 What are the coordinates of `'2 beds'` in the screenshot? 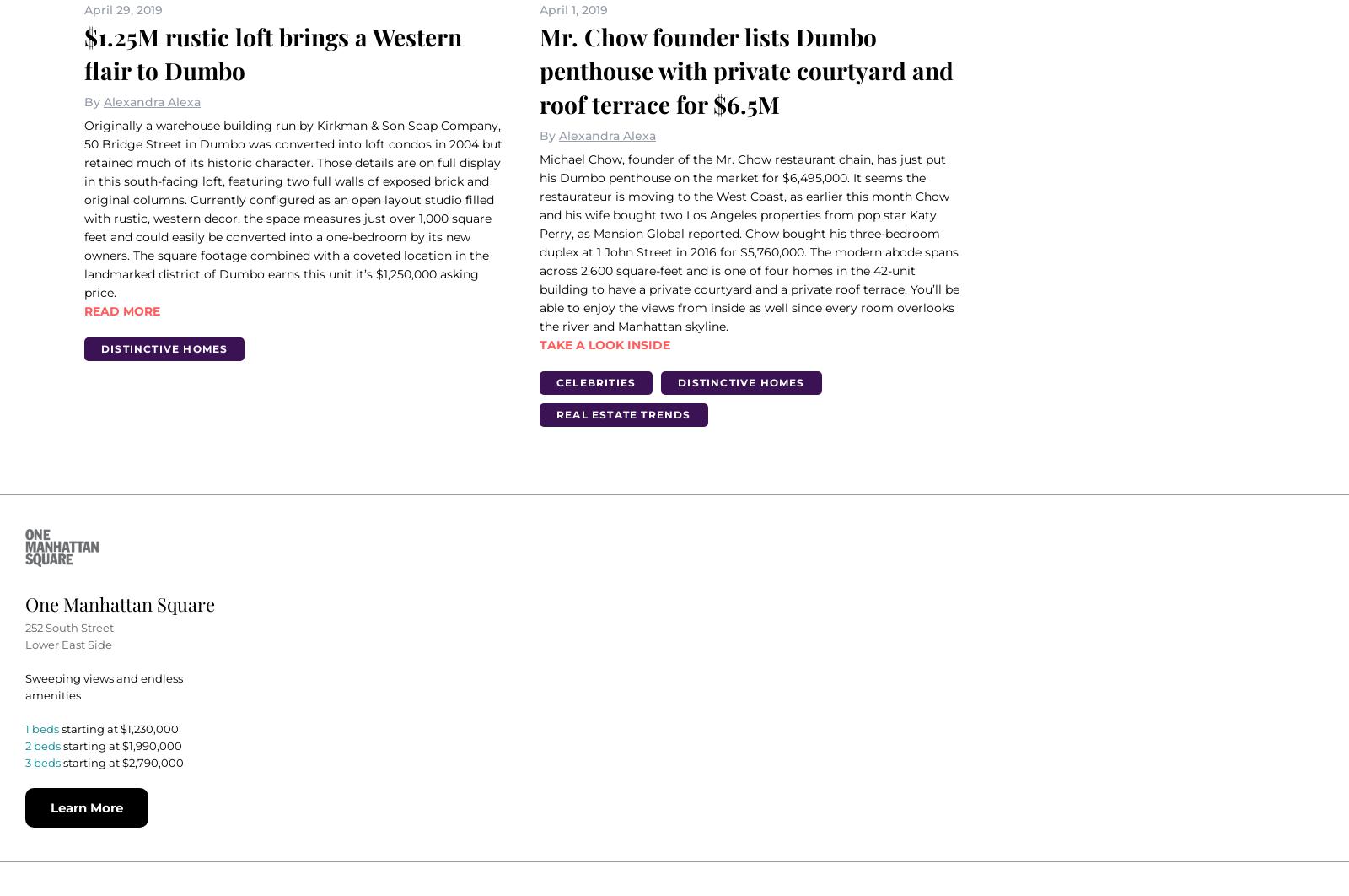 It's located at (42, 744).